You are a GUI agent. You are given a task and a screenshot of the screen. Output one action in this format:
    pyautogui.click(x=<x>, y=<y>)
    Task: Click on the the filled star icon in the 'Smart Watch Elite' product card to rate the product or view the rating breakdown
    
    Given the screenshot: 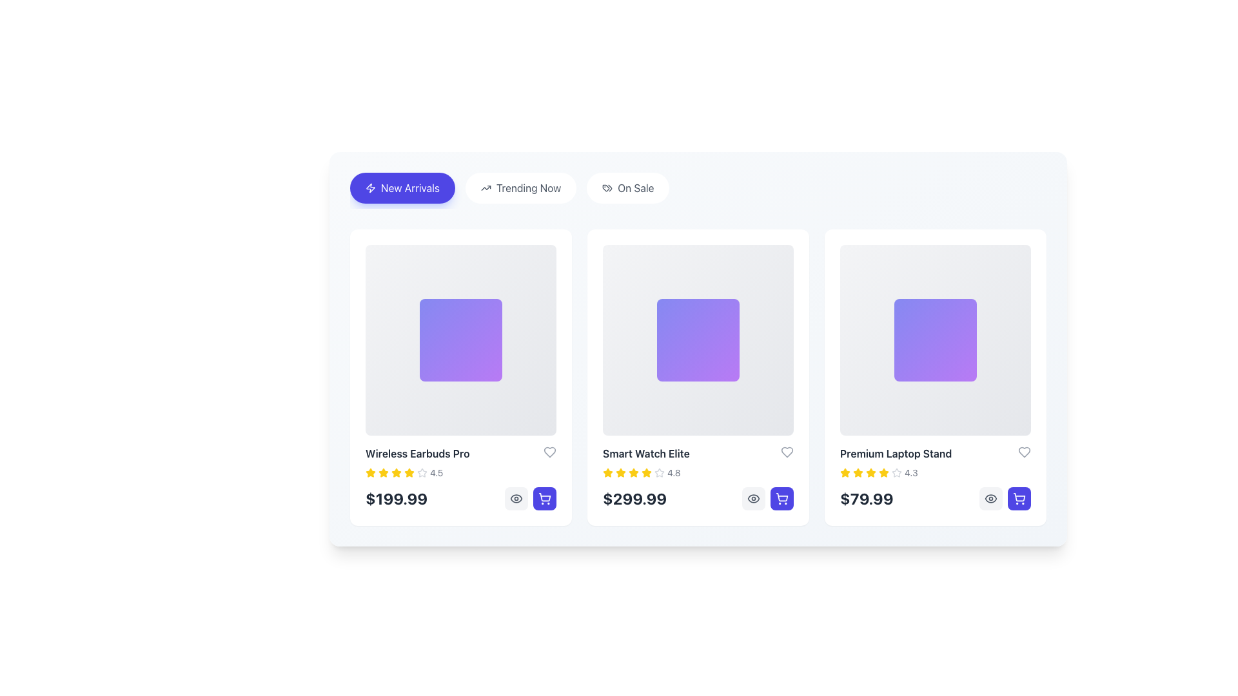 What is the action you would take?
    pyautogui.click(x=621, y=472)
    